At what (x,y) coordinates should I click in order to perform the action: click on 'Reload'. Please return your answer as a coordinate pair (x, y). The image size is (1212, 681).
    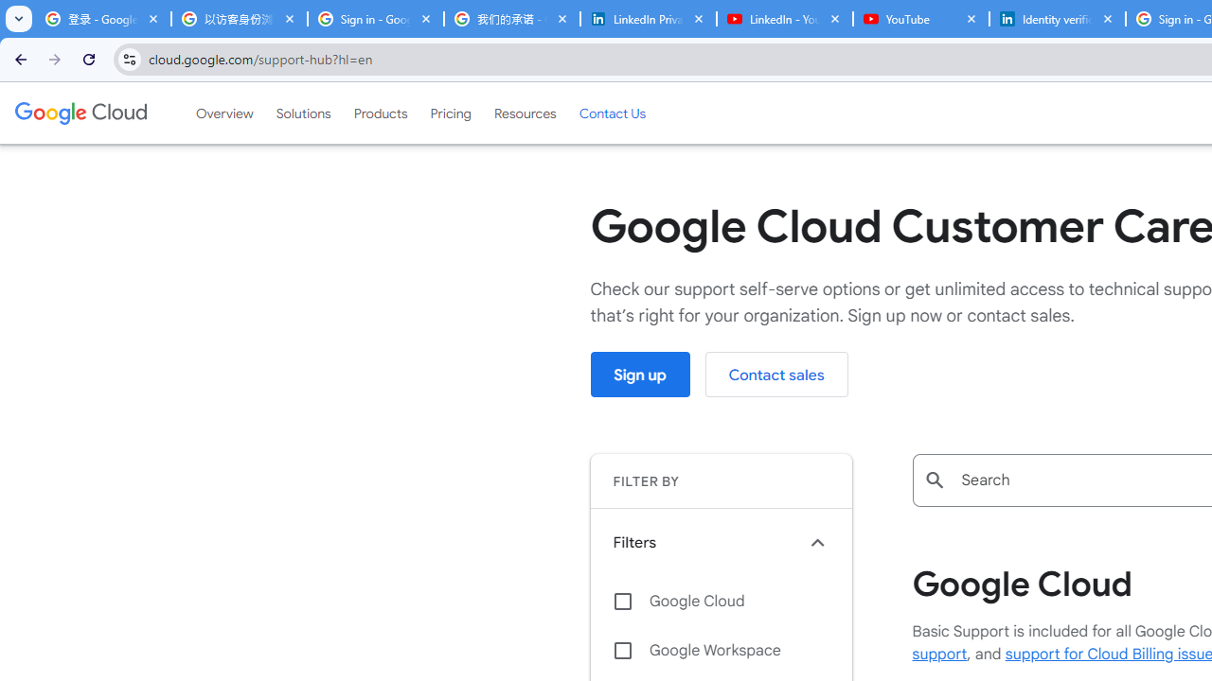
    Looking at the image, I should click on (88, 58).